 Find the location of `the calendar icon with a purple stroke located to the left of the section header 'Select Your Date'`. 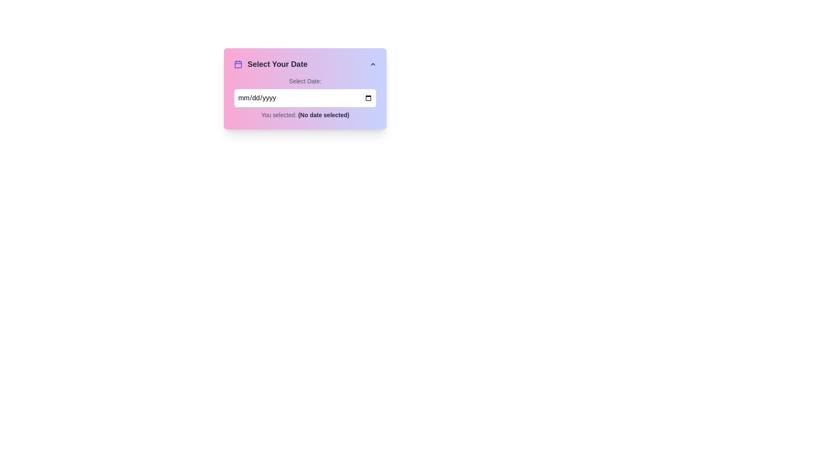

the calendar icon with a purple stroke located to the left of the section header 'Select Your Date' is located at coordinates (237, 63).